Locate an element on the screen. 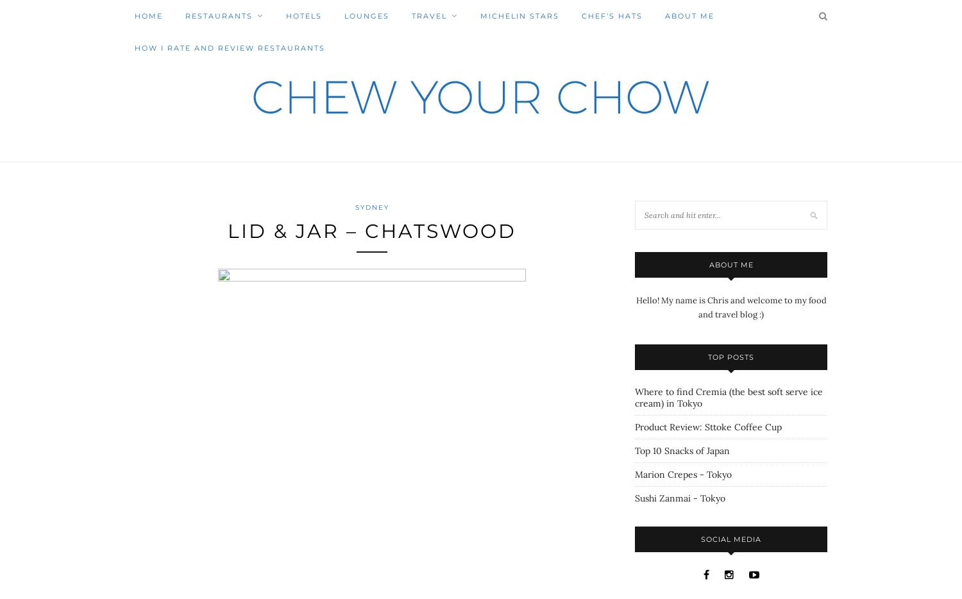 The height and width of the screenshot is (599, 962). 'Product Review: Sttoke Coffee Cup' is located at coordinates (707, 426).